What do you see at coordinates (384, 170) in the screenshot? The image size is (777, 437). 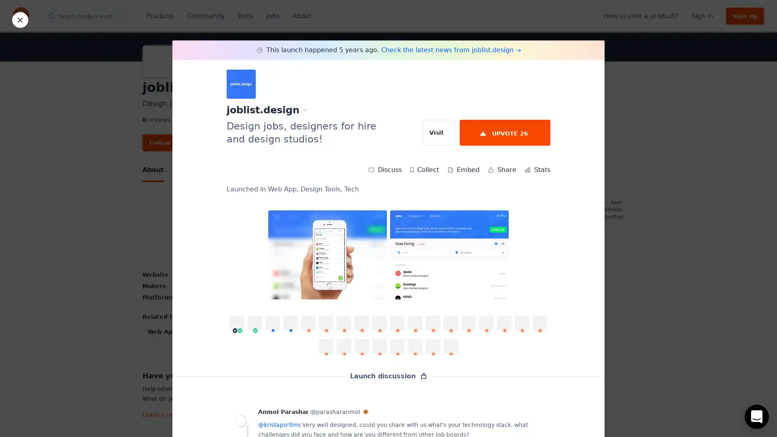 I see `Discuss` at bounding box center [384, 170].